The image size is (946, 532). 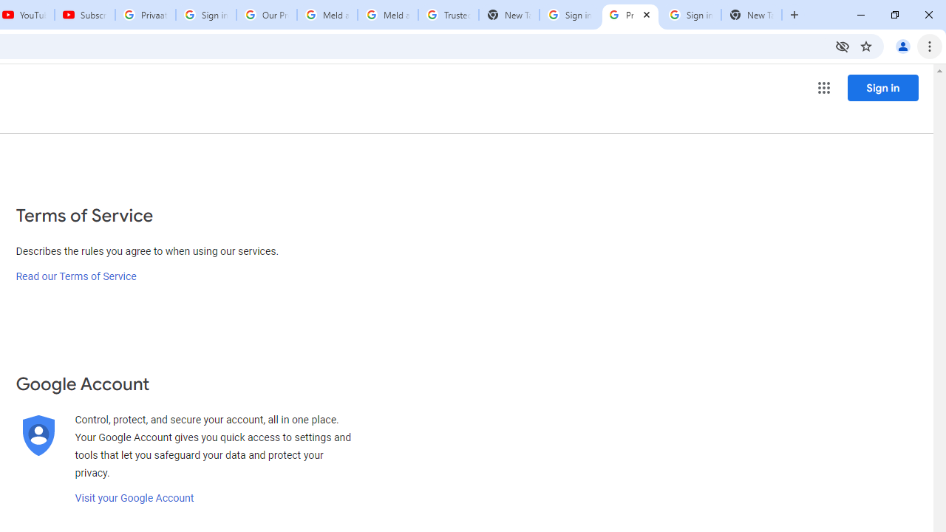 I want to click on 'Sign in - Google Accounts', so click(x=568, y=15).